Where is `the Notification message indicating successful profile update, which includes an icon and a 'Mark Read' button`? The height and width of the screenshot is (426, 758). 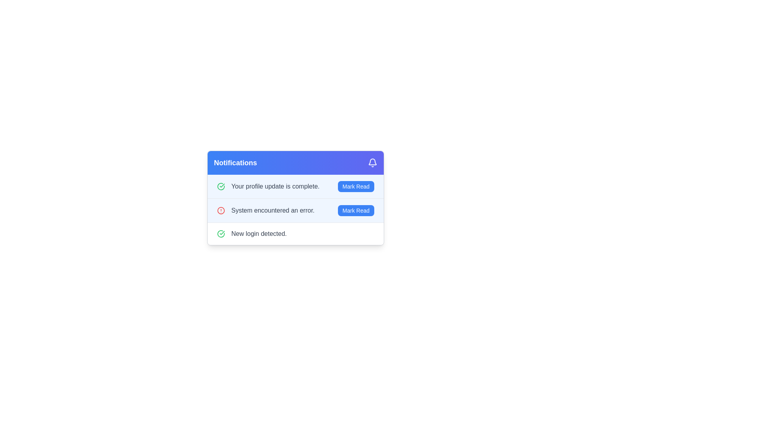 the Notification message indicating successful profile update, which includes an icon and a 'Mark Read' button is located at coordinates (268, 187).